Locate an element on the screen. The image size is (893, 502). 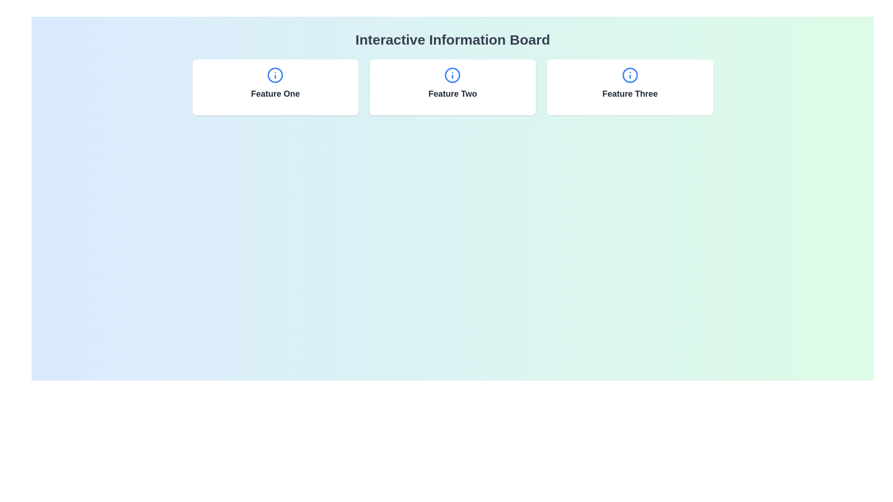
the 'Feature Two' Box Card is located at coordinates (453, 87).